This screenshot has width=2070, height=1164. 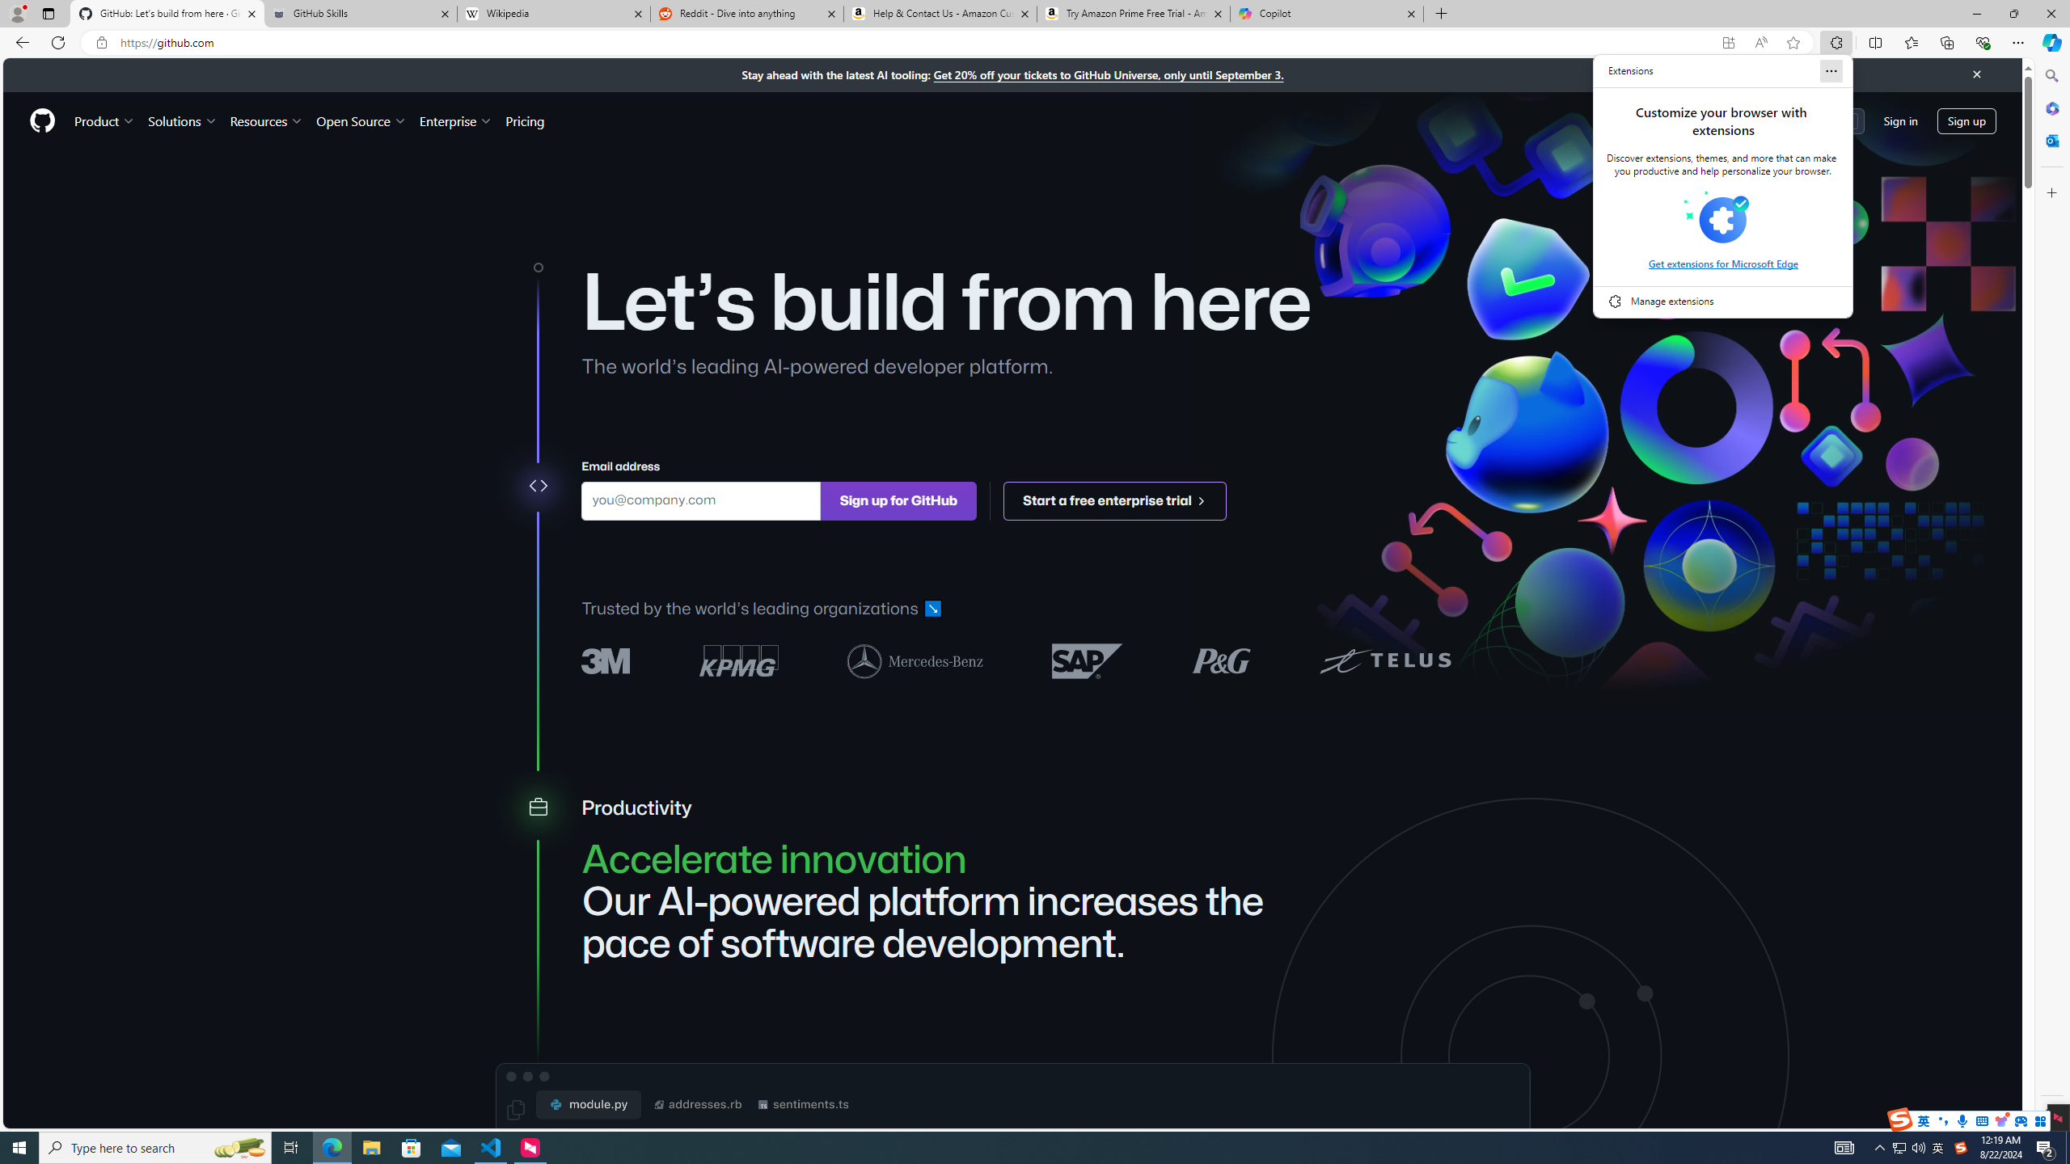 I want to click on 'Notification Chevron', so click(x=1879, y=1146).